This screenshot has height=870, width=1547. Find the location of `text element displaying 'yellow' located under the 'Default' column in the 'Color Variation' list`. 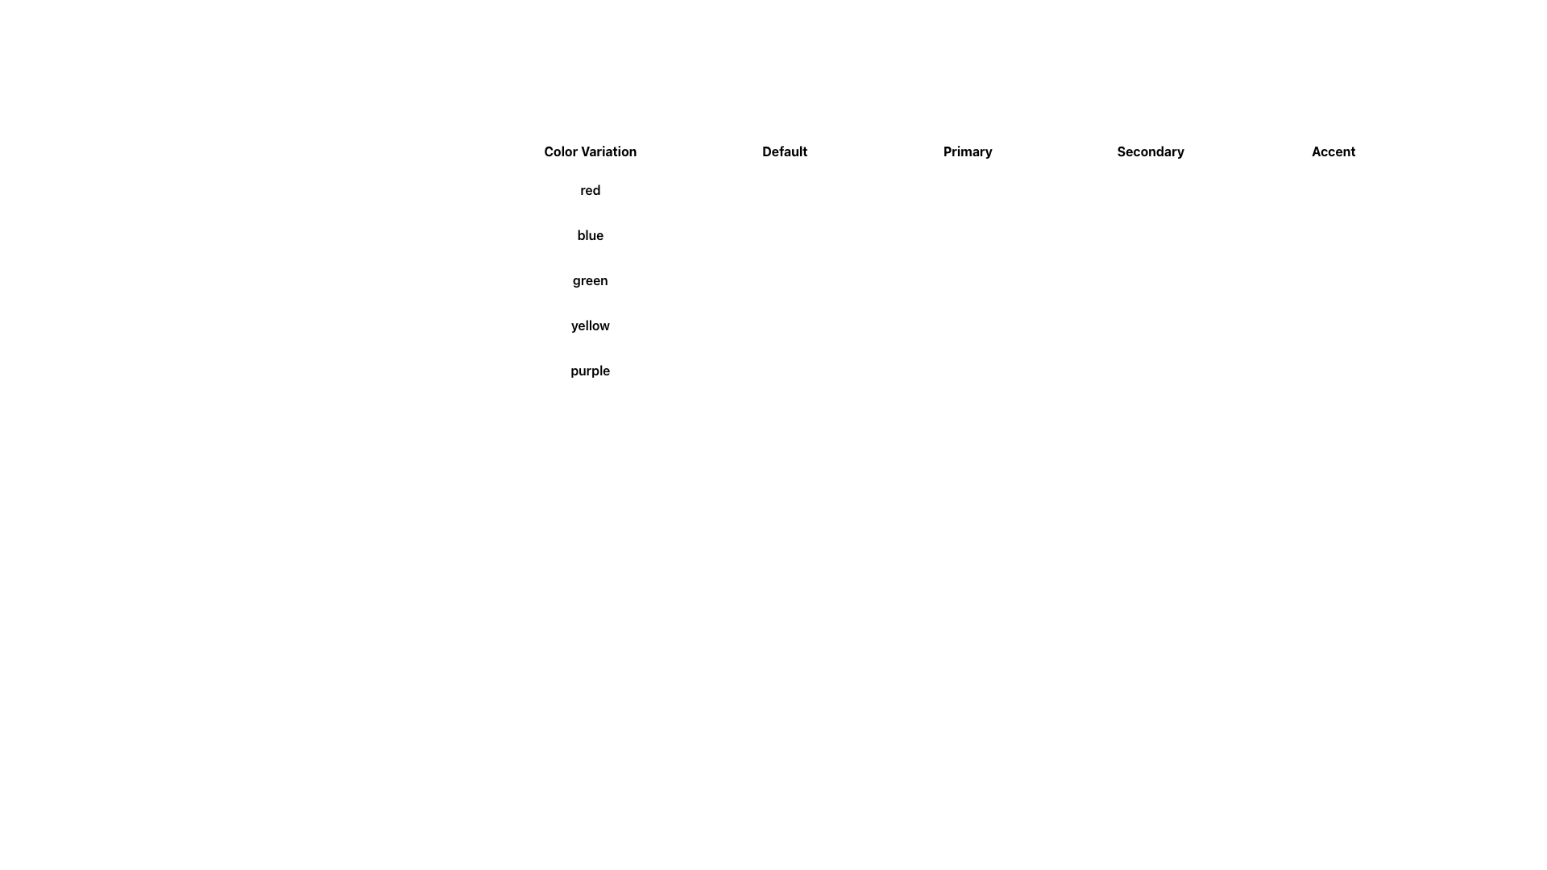

text element displaying 'yellow' located under the 'Default' column in the 'Color Variation' list is located at coordinates (785, 325).